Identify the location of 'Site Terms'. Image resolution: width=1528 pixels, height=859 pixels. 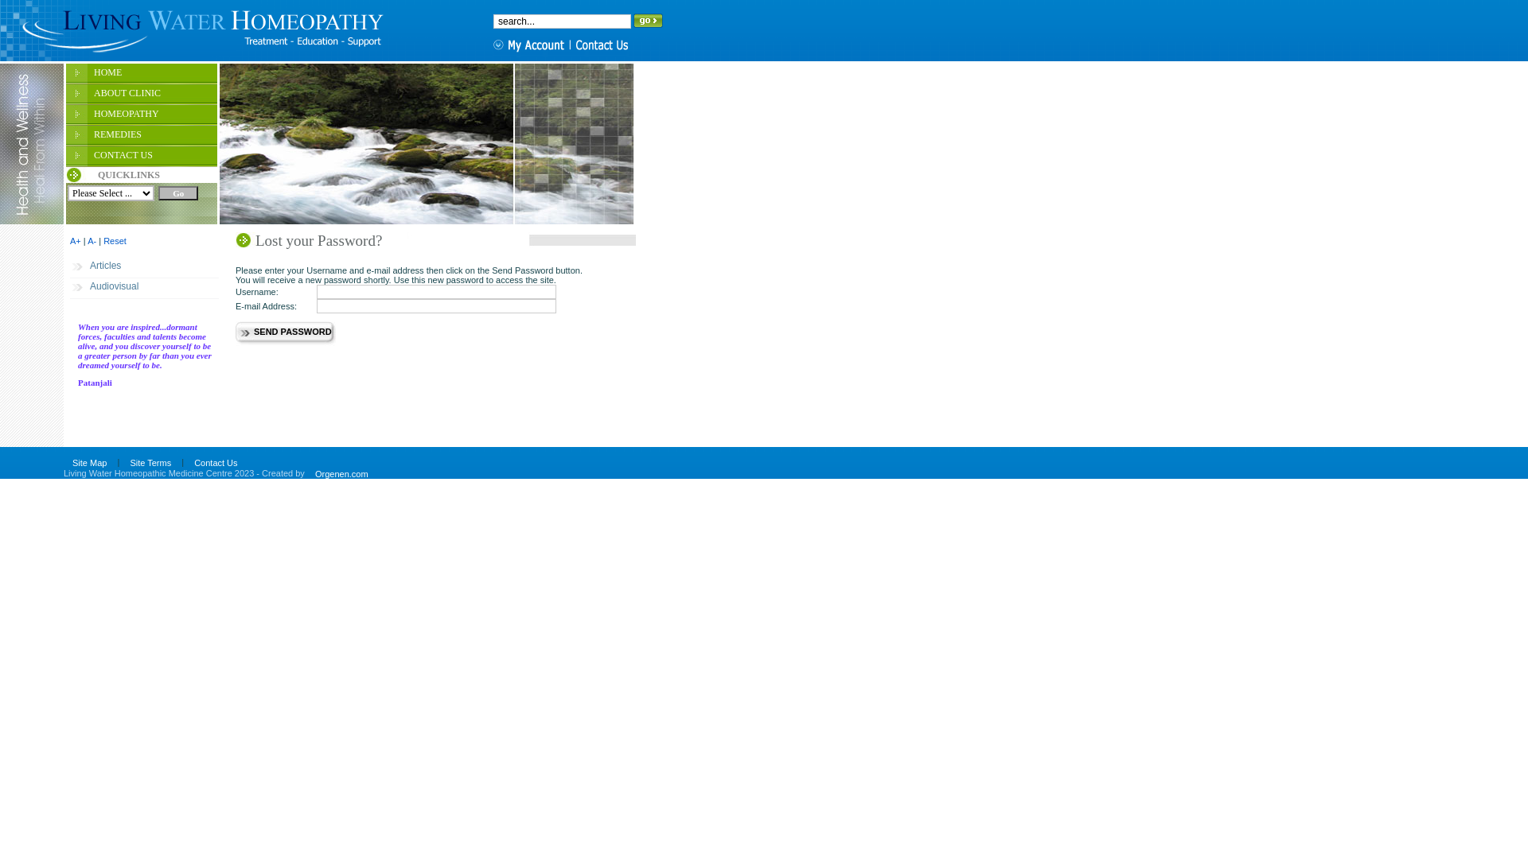
(150, 463).